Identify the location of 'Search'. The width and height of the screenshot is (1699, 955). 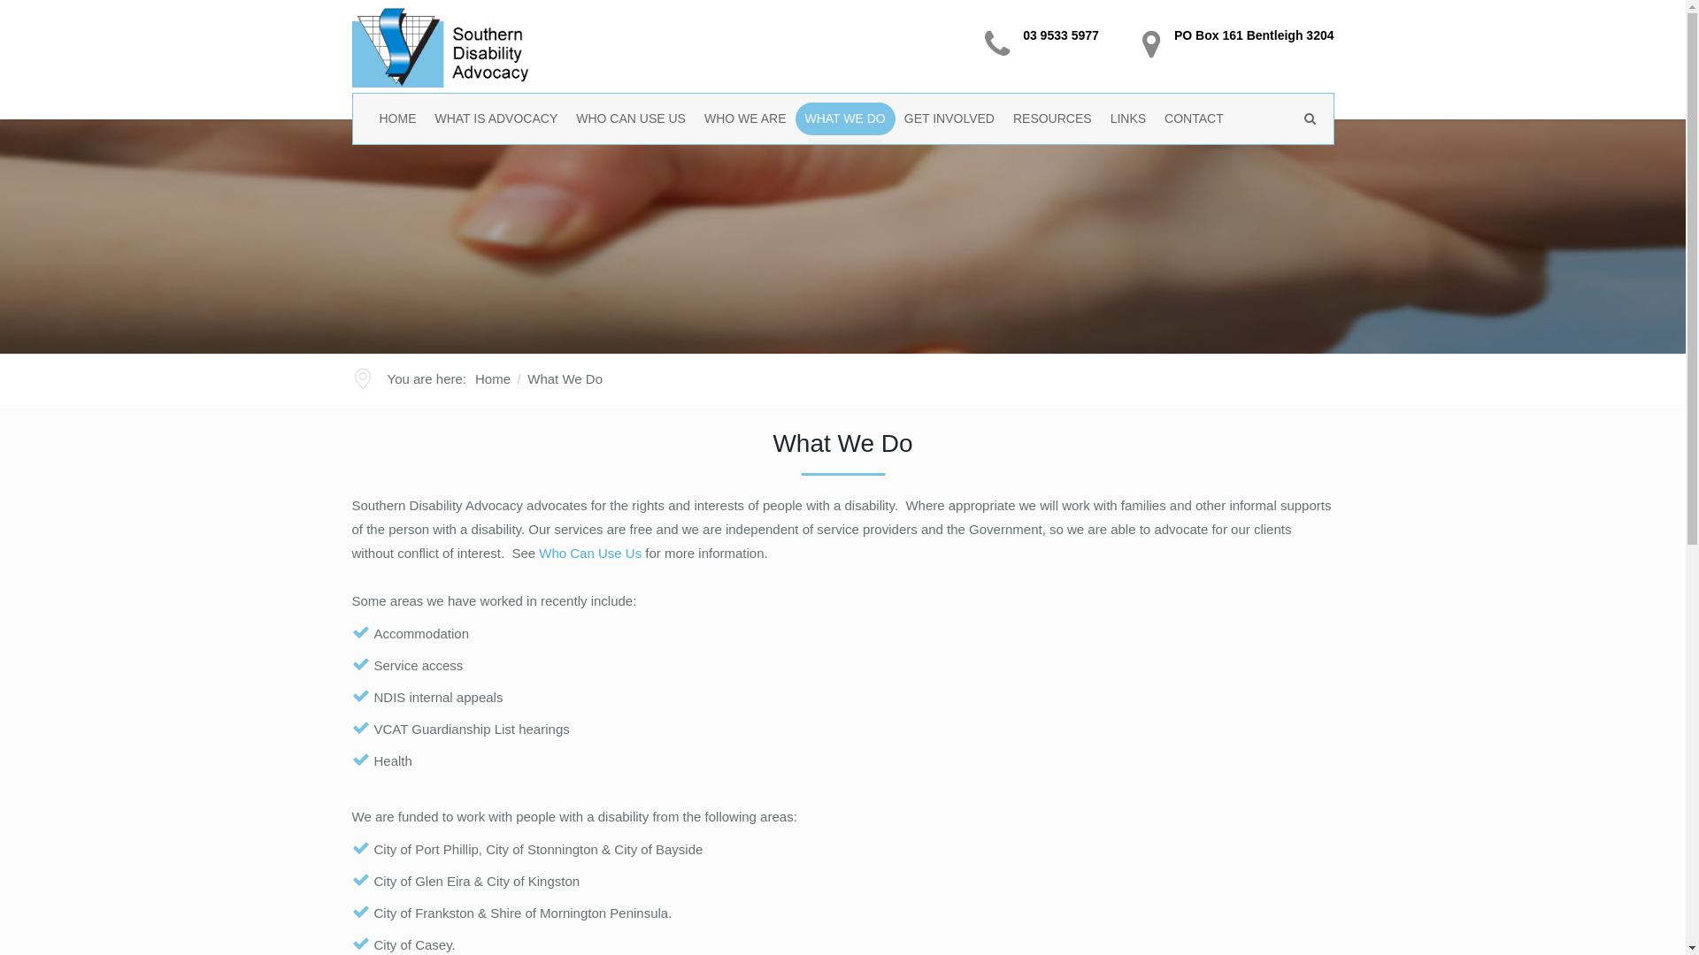
(1291, 164).